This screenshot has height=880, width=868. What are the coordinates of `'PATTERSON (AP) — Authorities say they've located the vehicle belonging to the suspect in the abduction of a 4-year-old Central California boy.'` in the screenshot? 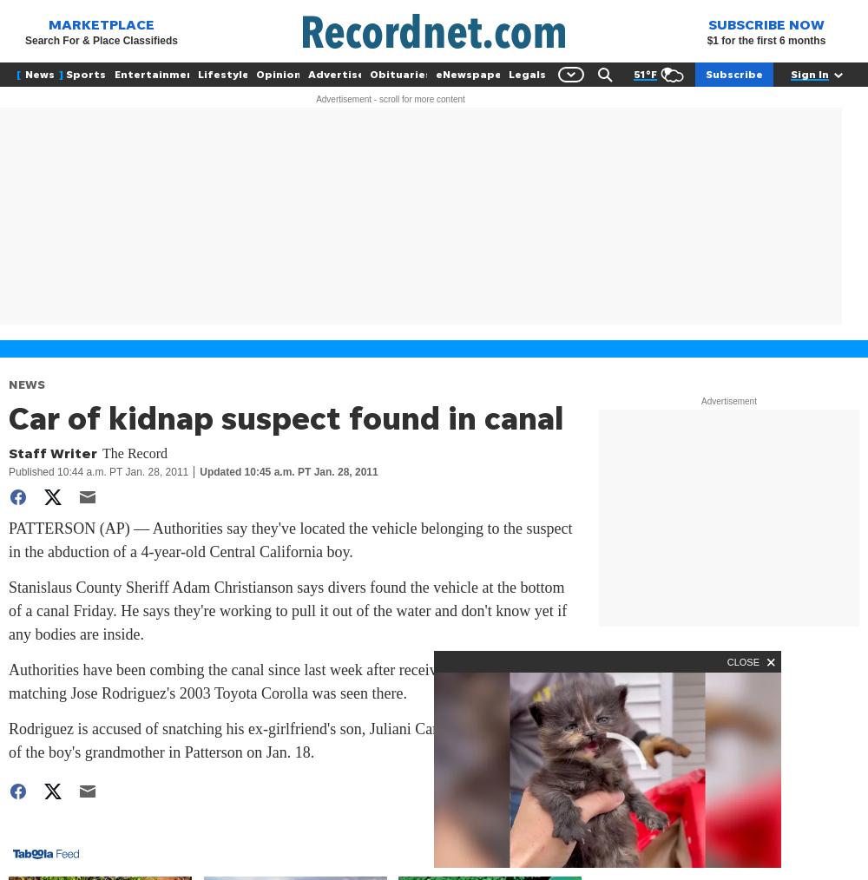 It's located at (289, 540).